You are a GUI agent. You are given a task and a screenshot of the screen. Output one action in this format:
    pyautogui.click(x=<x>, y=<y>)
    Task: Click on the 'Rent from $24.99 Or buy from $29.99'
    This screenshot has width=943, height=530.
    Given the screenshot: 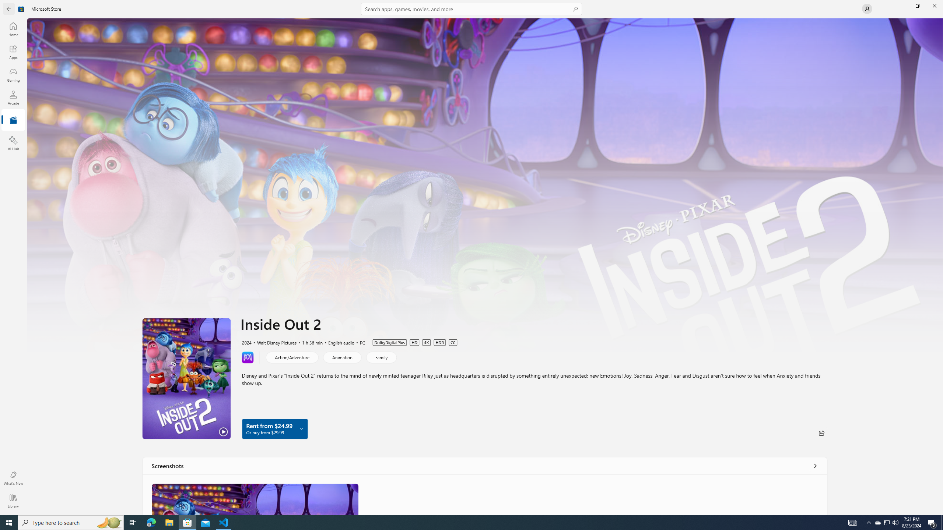 What is the action you would take?
    pyautogui.click(x=274, y=428)
    